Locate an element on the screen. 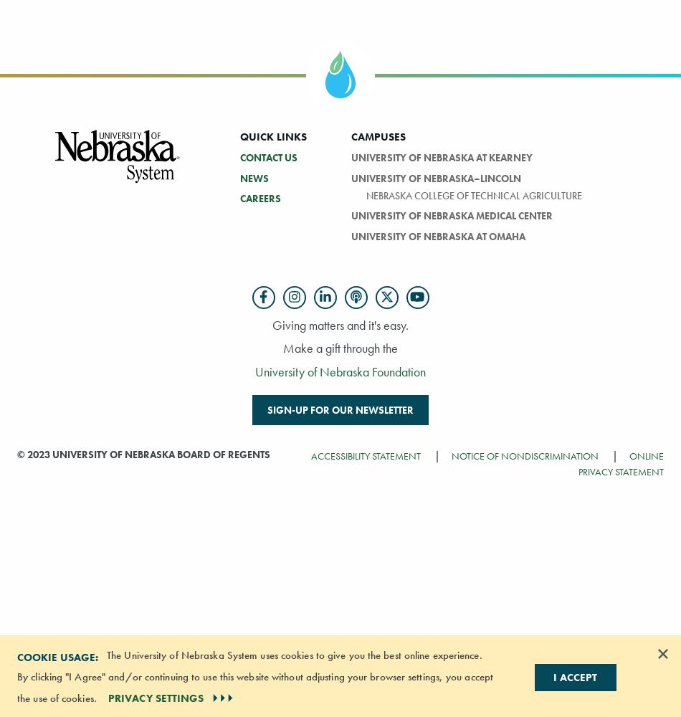  'University of Nebraska at Kearney' is located at coordinates (350, 156).